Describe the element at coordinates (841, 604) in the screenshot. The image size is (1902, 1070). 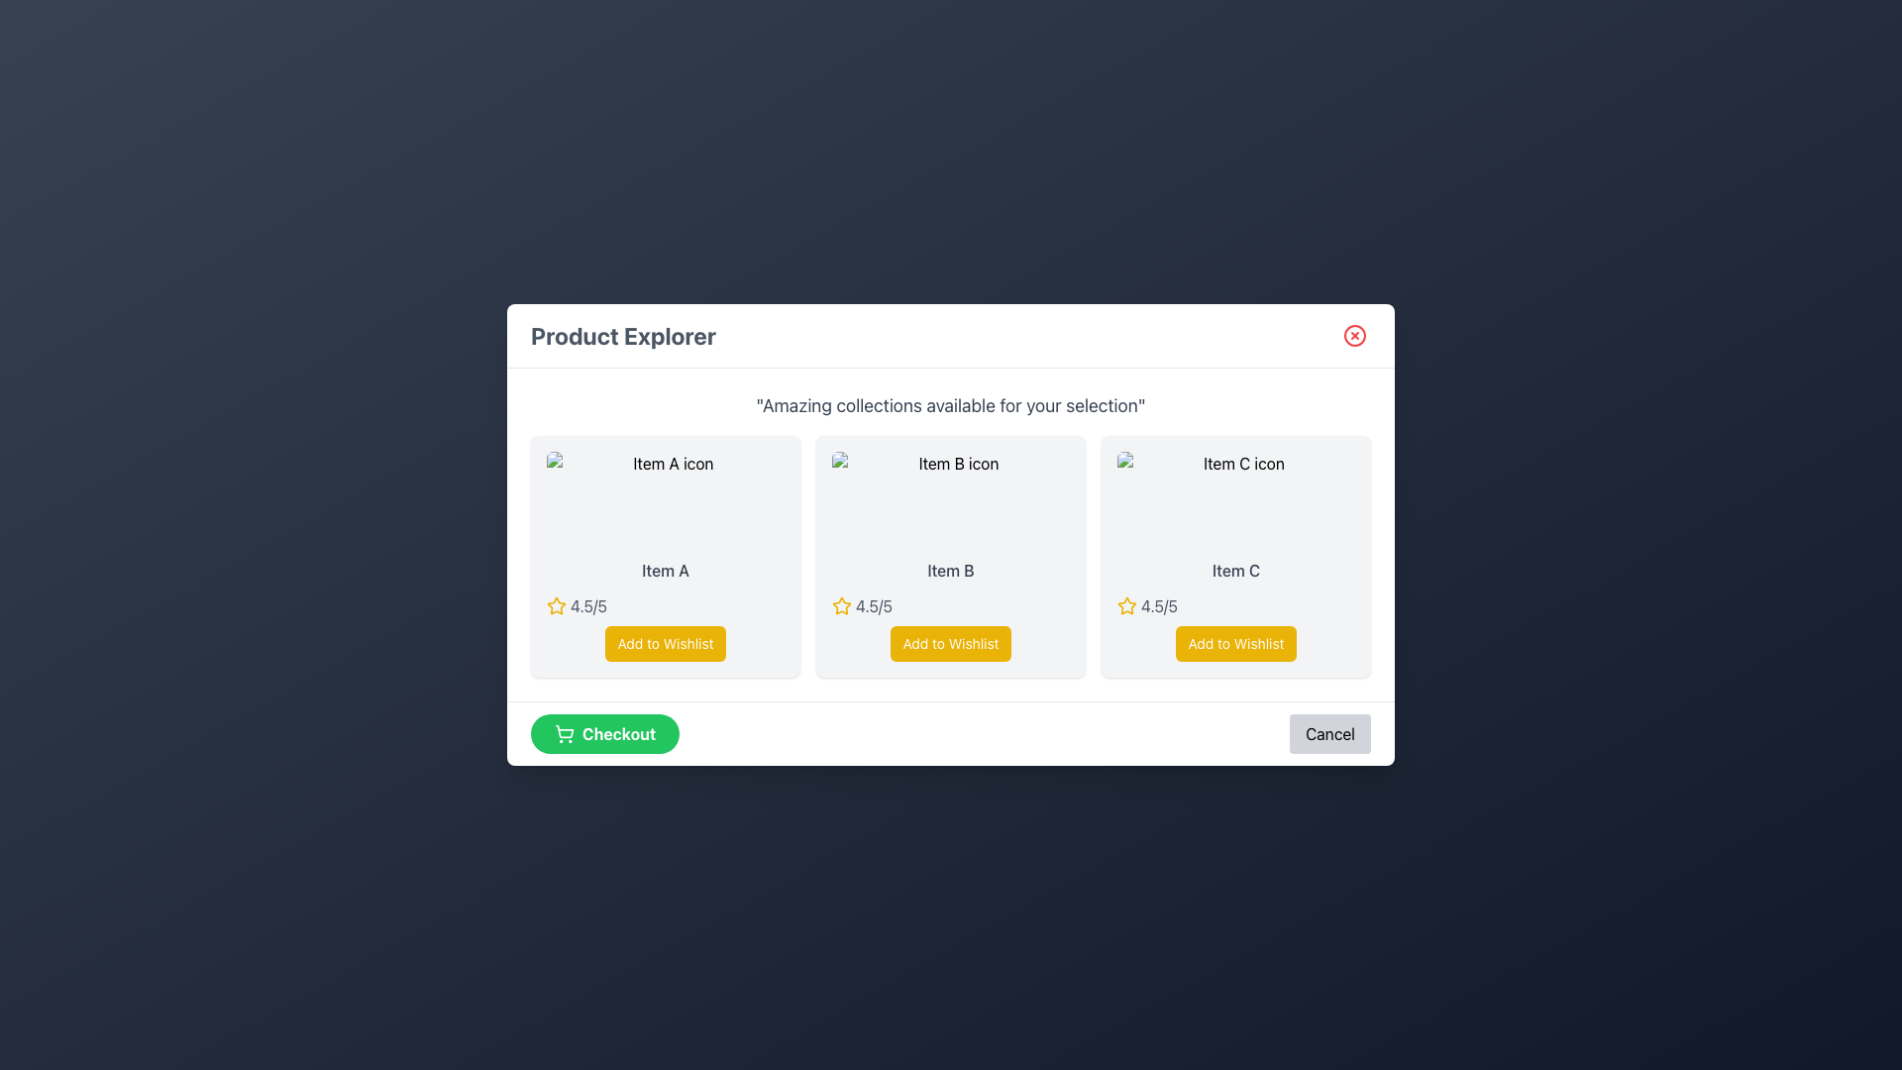
I see `the star icon representing the rating score '4.5/5' for 'Item B' in the center card of the 'Product Explorer' dialog box` at that location.